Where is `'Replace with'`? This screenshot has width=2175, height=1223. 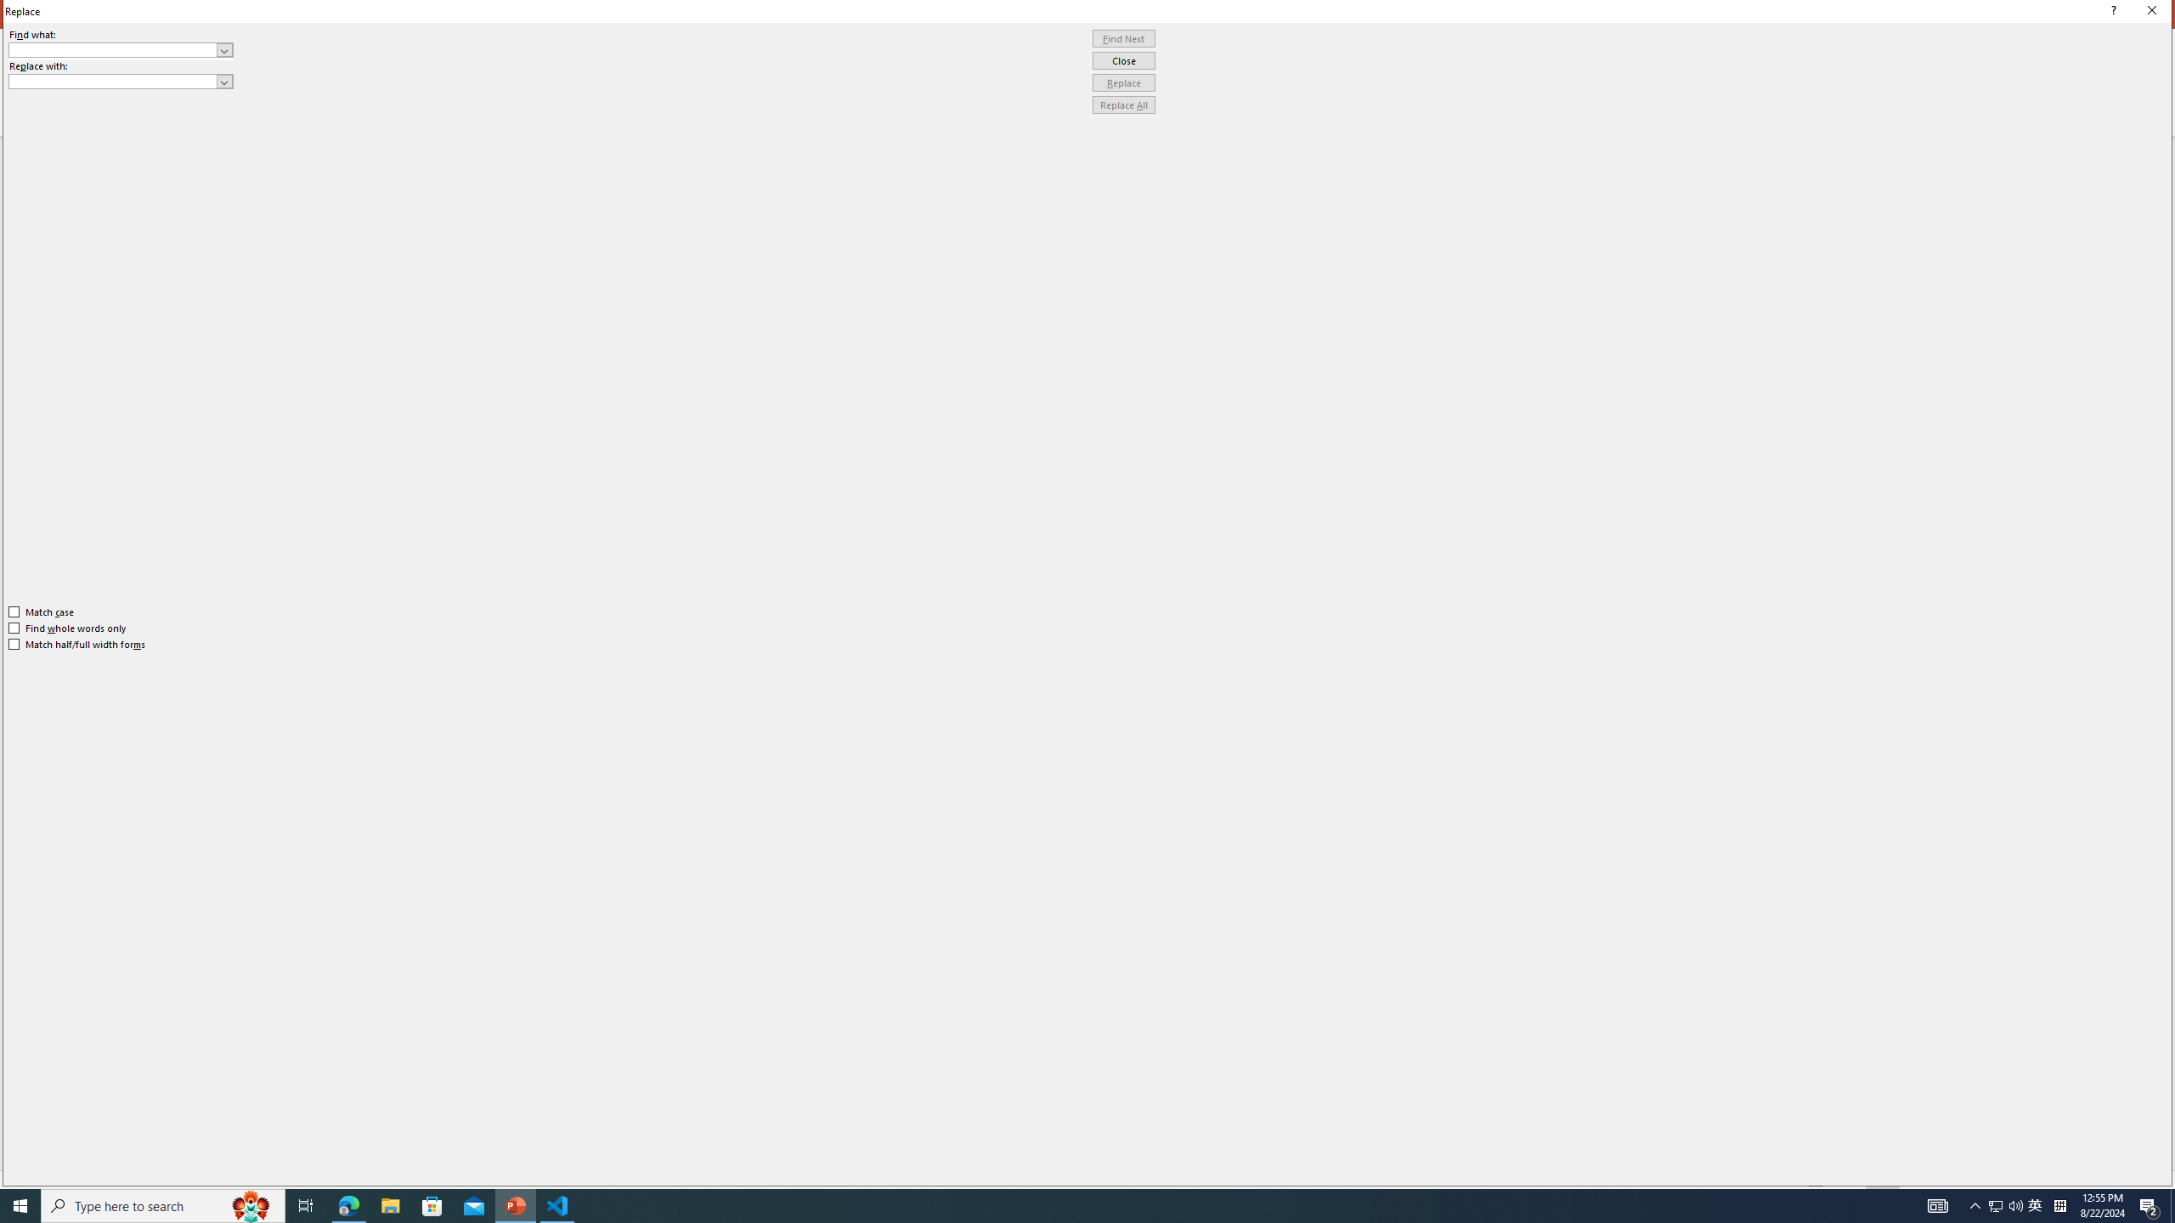
'Replace with' is located at coordinates (113, 81).